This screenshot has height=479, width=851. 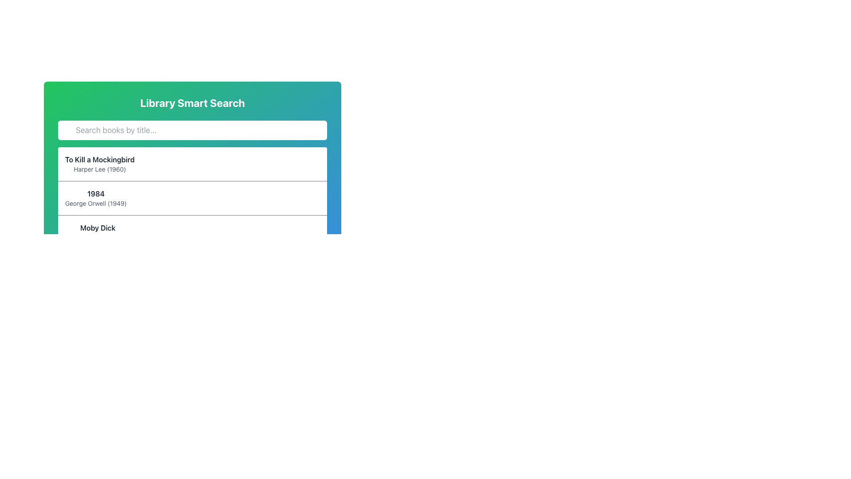 I want to click on the text display element that shows information about a book, including its title and author, located on the left side of the interface under the 'Library Smart Search' header, so click(x=100, y=164).